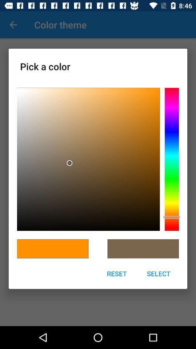  I want to click on the icon next to select, so click(117, 273).